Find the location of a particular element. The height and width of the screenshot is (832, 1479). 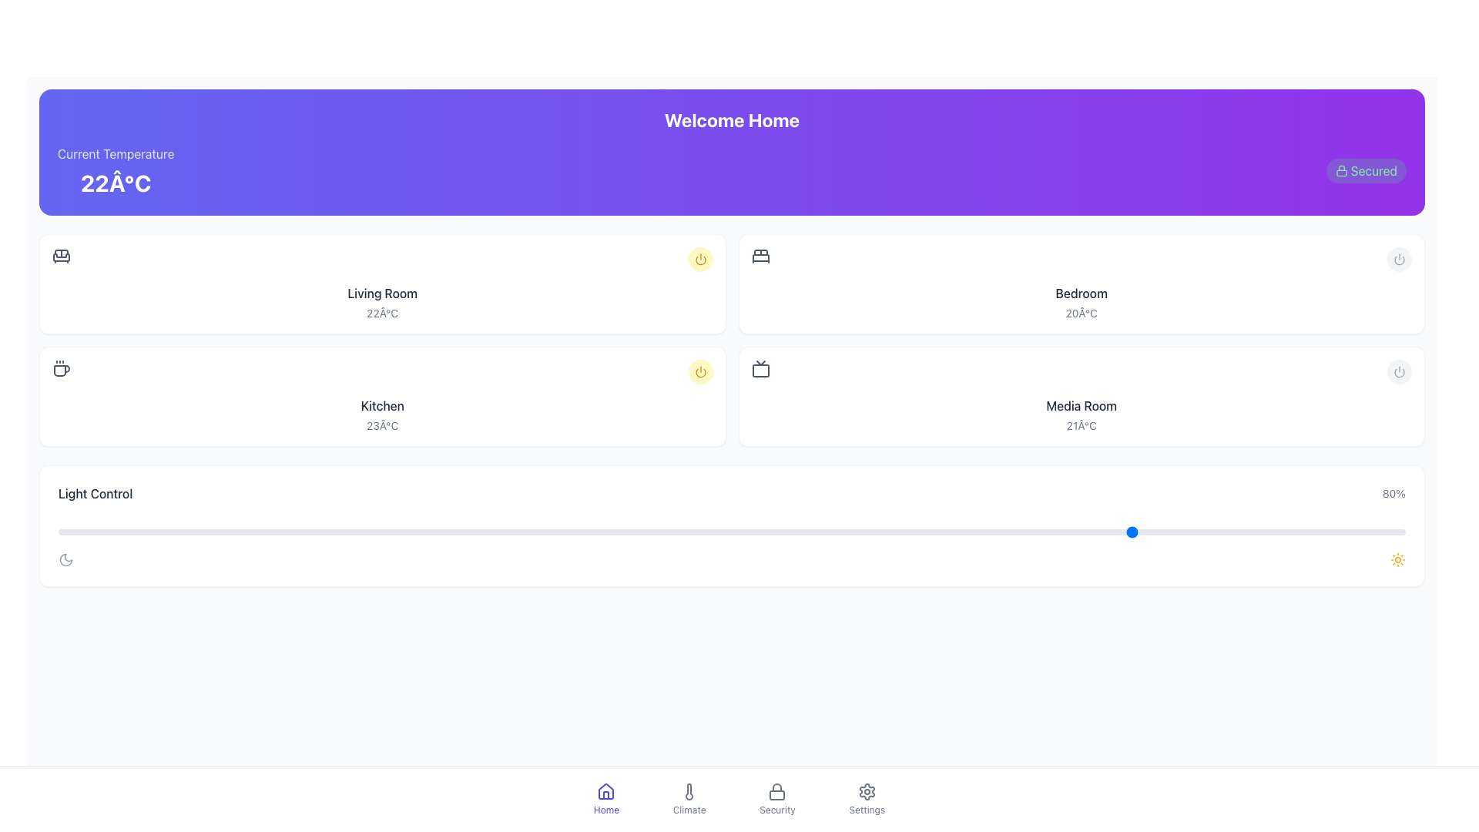

the decorative SVG icon representing the living room area in the smart home dashboard interface, located at the top-left corner of its section is located at coordinates (62, 255).